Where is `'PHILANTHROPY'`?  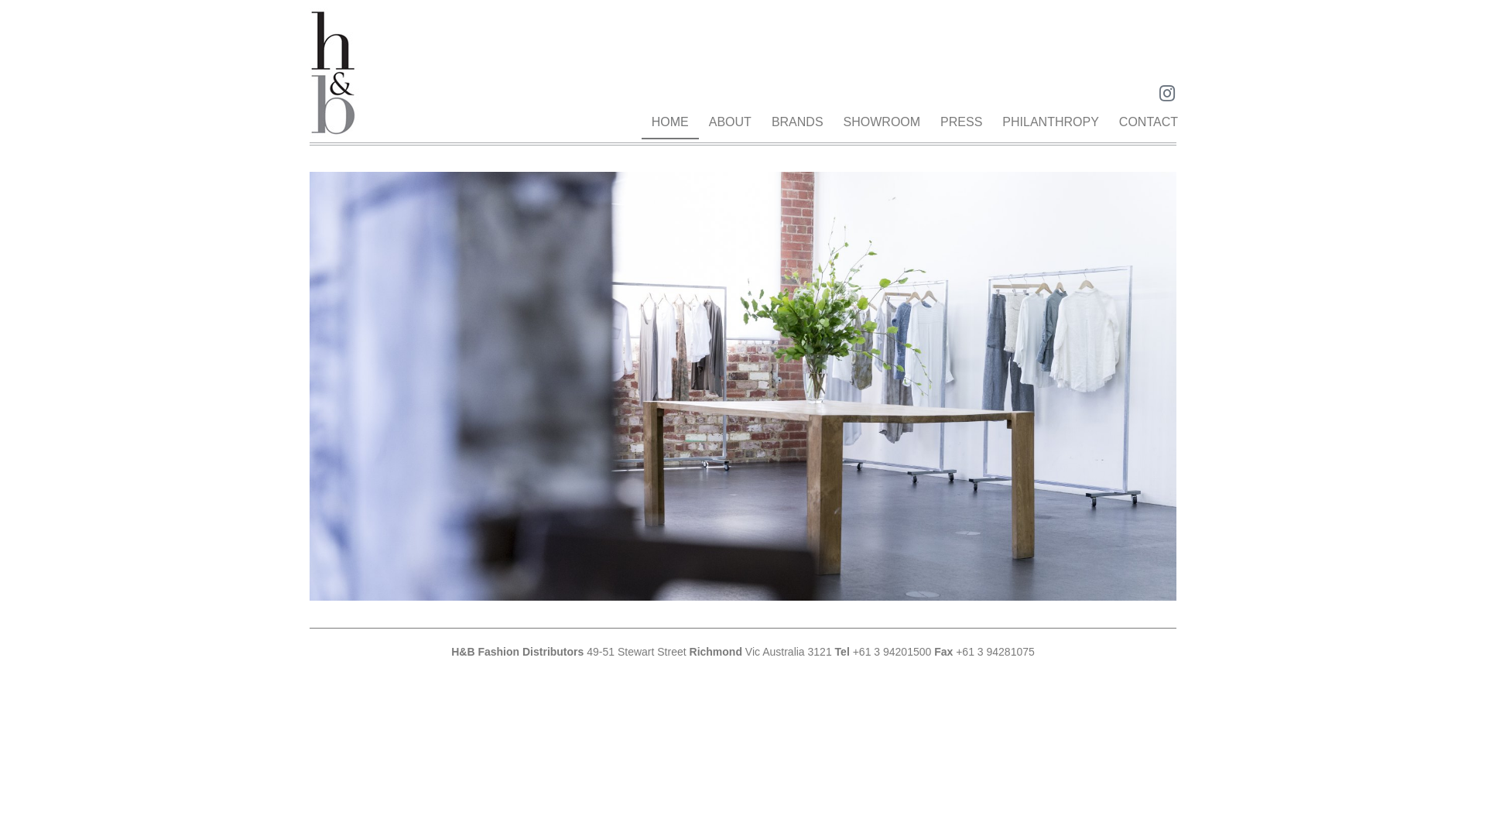 'PHILANTHROPY' is located at coordinates (1050, 122).